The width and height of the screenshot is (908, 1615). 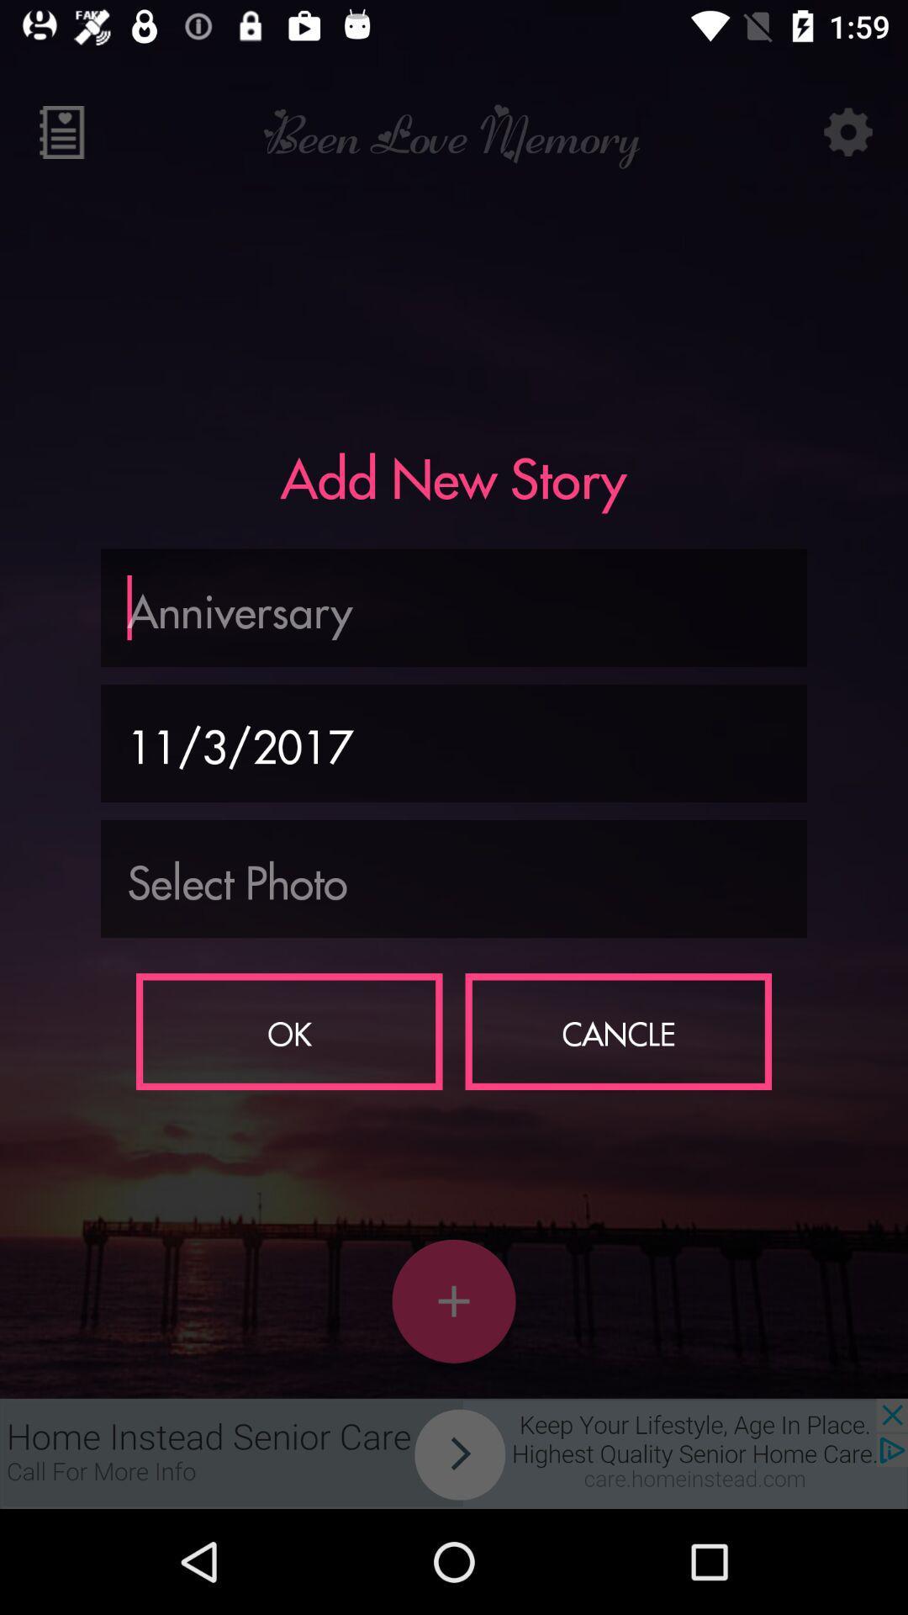 I want to click on item to the left of the cancle, so click(x=288, y=1030).